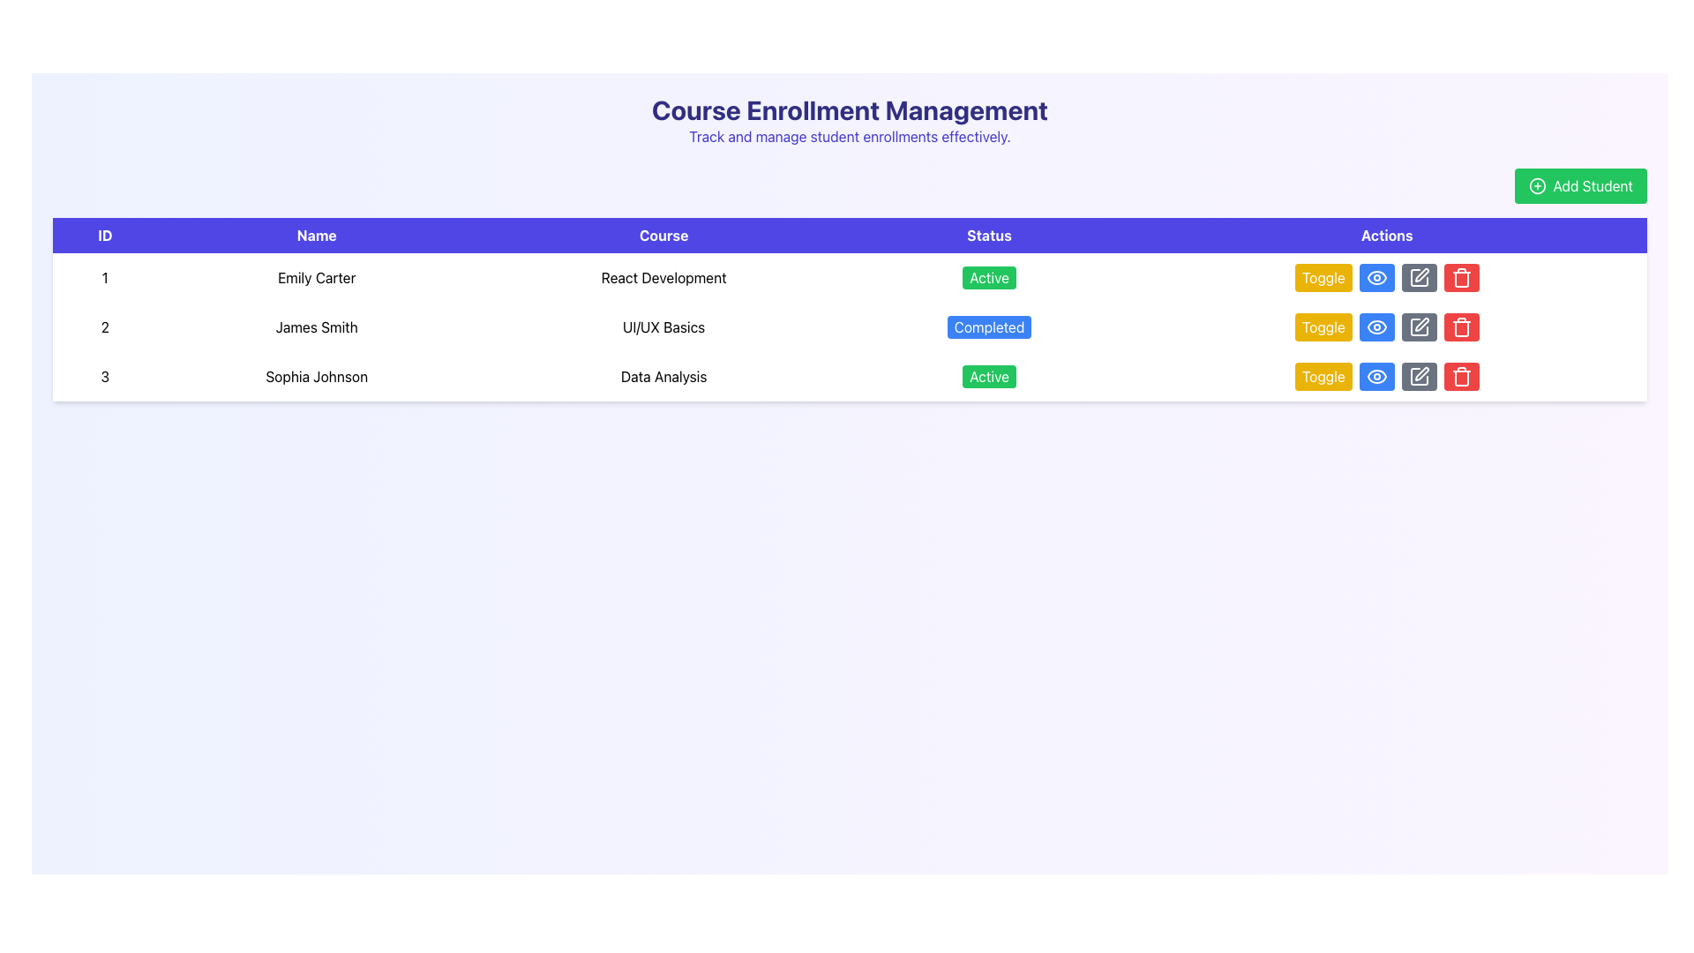  I want to click on the prominent red delete button with a trash can icon located in the third row of the 'Actions' column in the table, so click(1461, 376).